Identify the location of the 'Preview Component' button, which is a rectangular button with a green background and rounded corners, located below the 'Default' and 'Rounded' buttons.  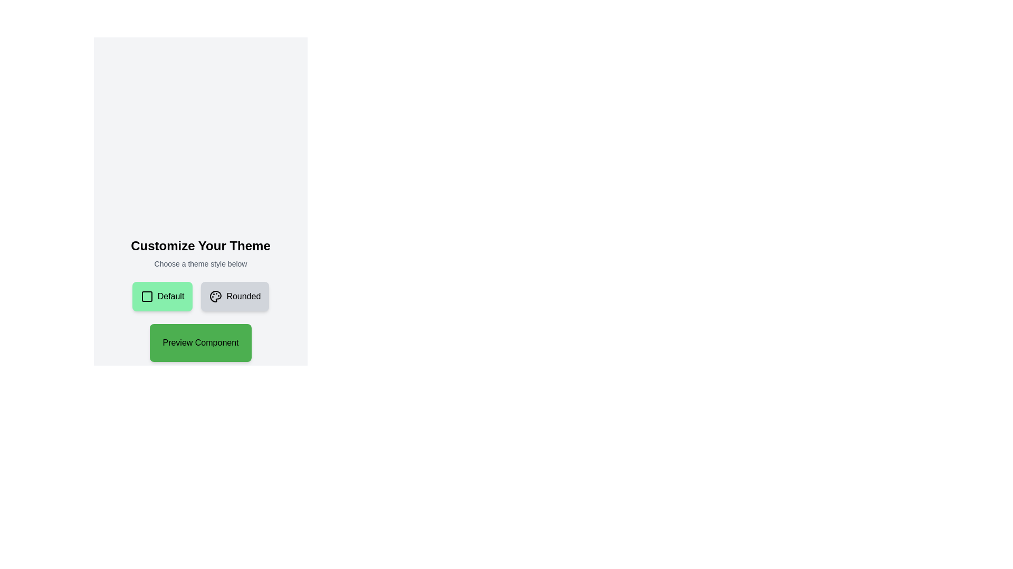
(200, 343).